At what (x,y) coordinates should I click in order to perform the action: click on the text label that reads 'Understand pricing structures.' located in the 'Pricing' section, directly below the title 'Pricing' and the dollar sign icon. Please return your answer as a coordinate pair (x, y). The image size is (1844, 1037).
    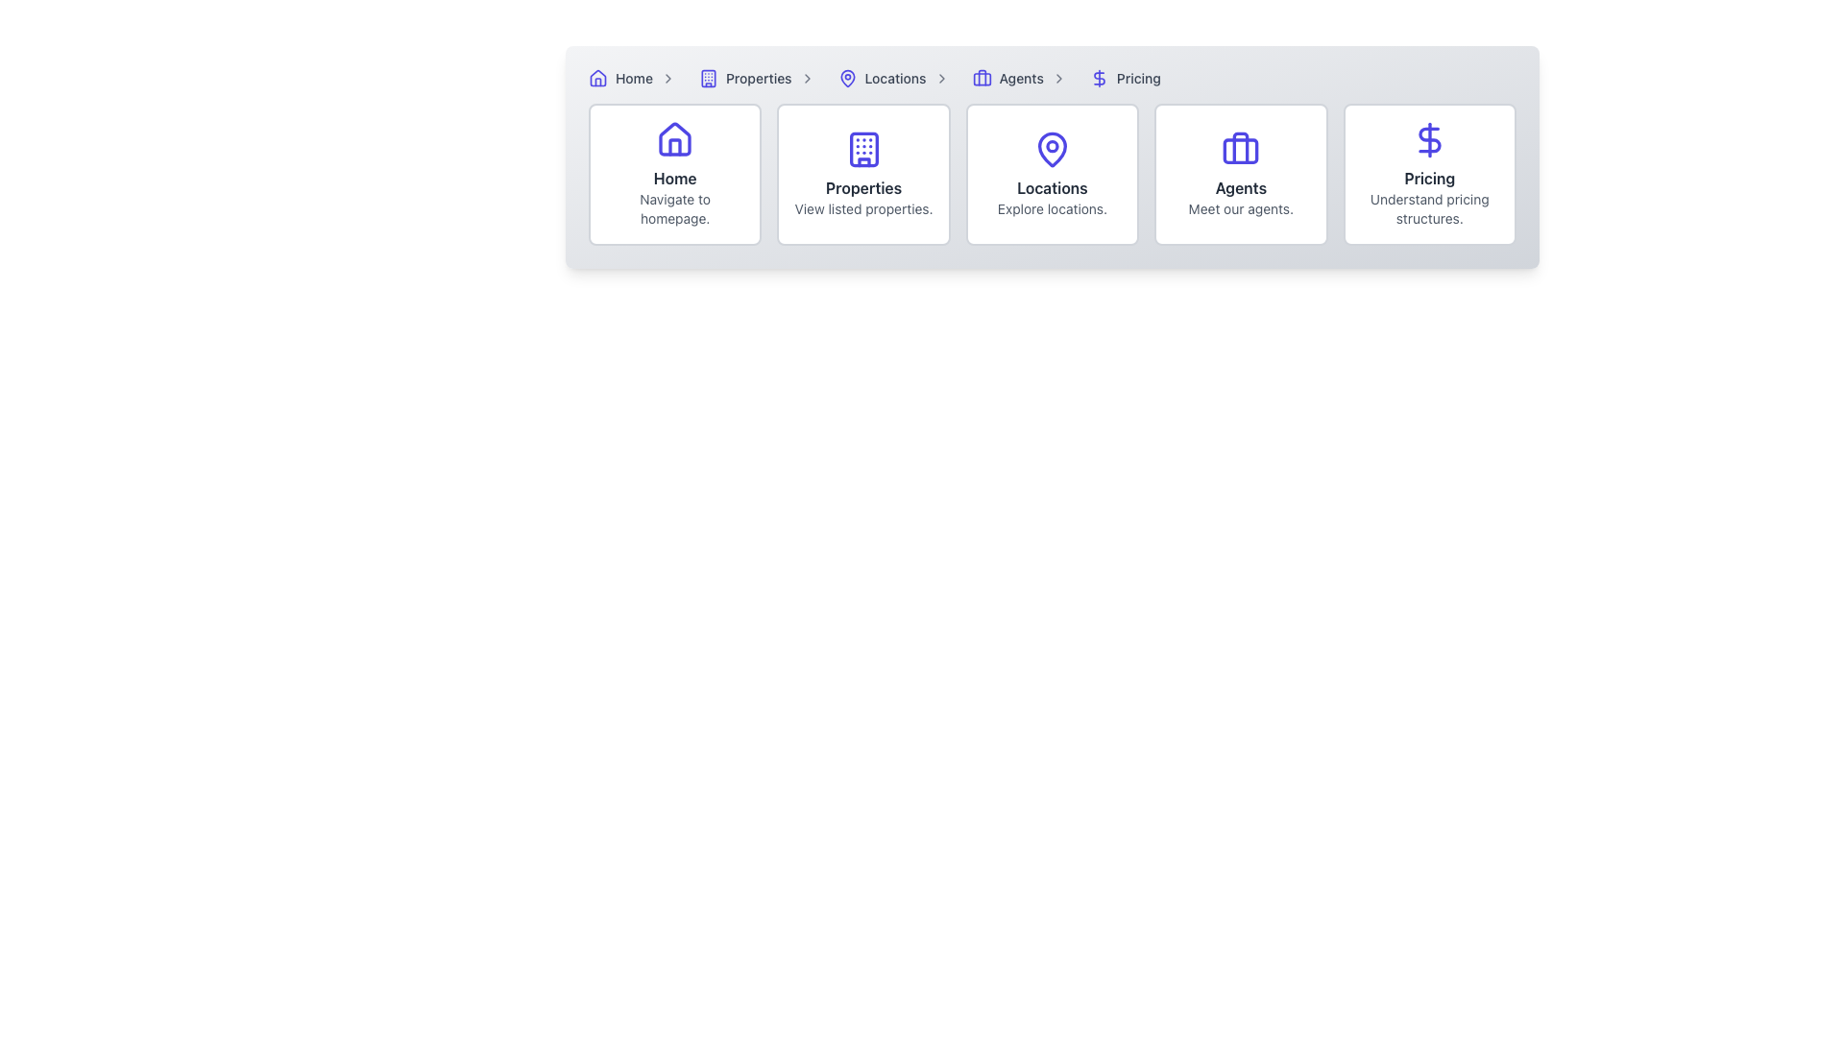
    Looking at the image, I should click on (1429, 209).